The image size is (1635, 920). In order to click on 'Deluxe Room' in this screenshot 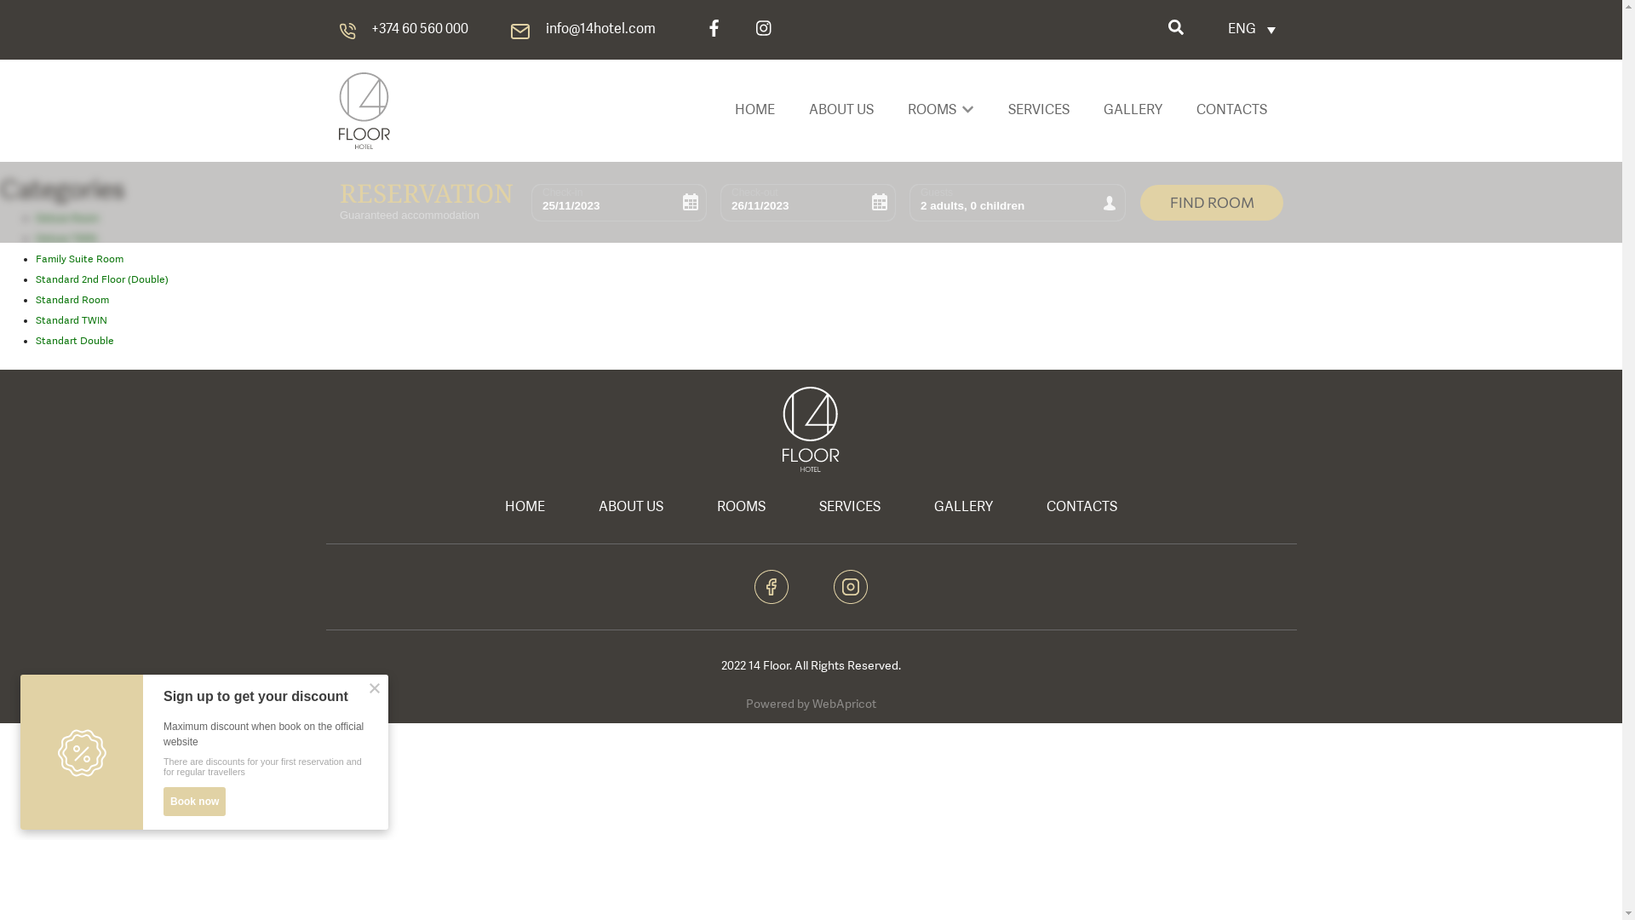, I will do `click(66, 218)`.